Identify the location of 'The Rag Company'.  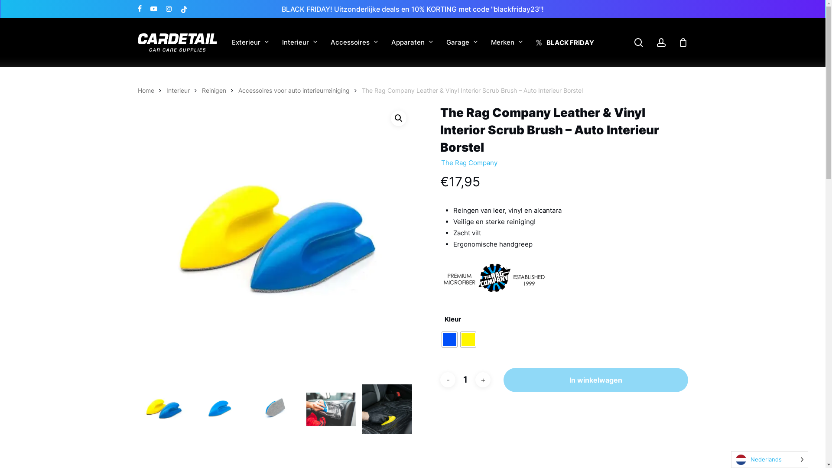
(440, 162).